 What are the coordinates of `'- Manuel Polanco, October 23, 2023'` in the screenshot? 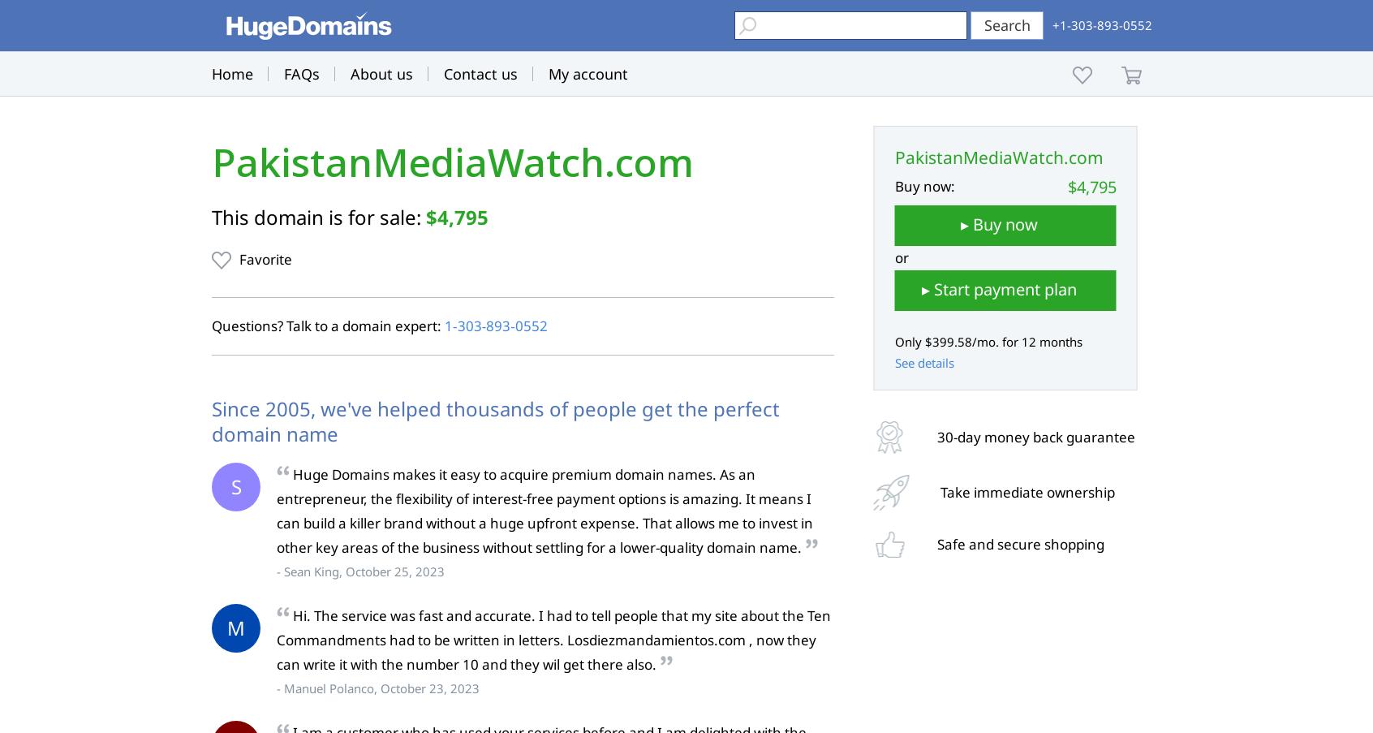 It's located at (377, 688).